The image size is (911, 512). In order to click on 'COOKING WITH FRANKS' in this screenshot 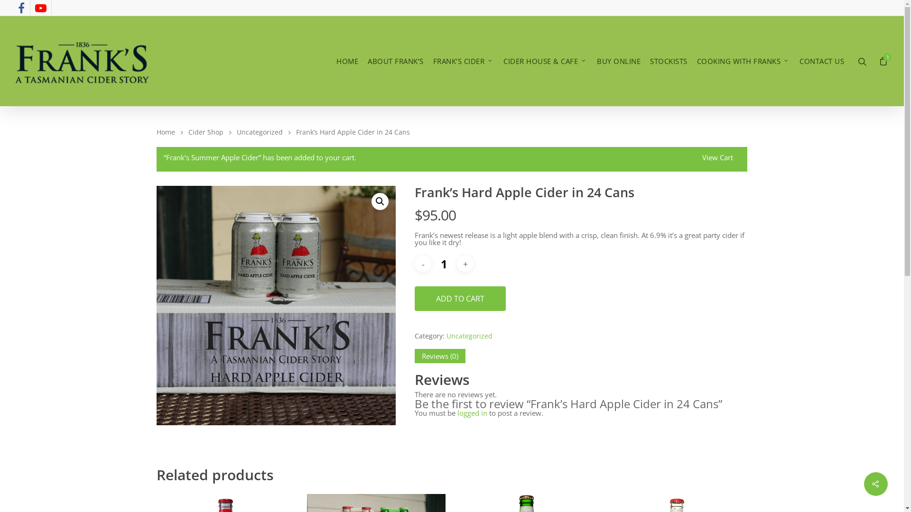, I will do `click(743, 61)`.